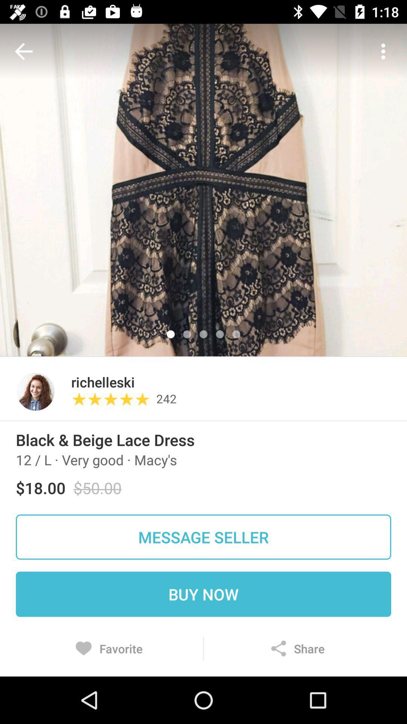 This screenshot has height=724, width=407. Describe the element at coordinates (113, 399) in the screenshot. I see `the item to the left of the 242 icon` at that location.